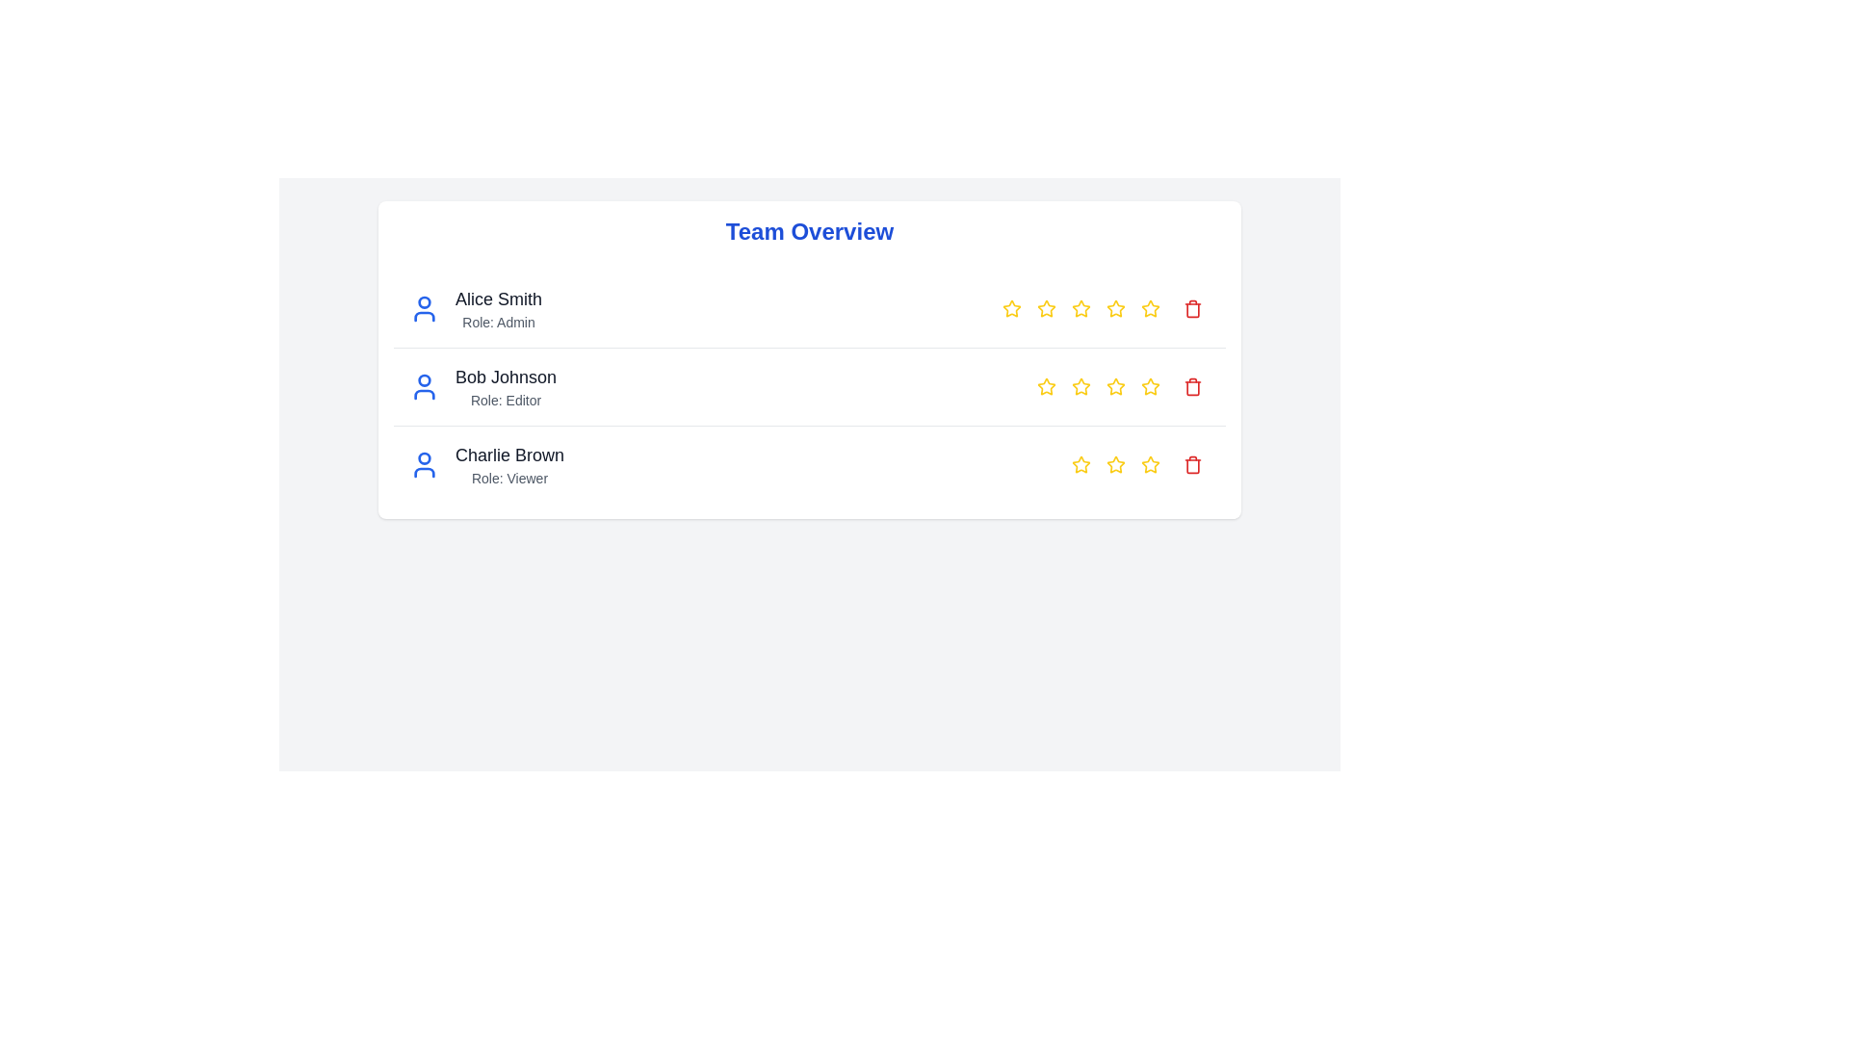 This screenshot has height=1040, width=1849. Describe the element at coordinates (1151, 386) in the screenshot. I see `the fourth star-shaped icon button in the rating cluster for user 'Bob Johnson'` at that location.